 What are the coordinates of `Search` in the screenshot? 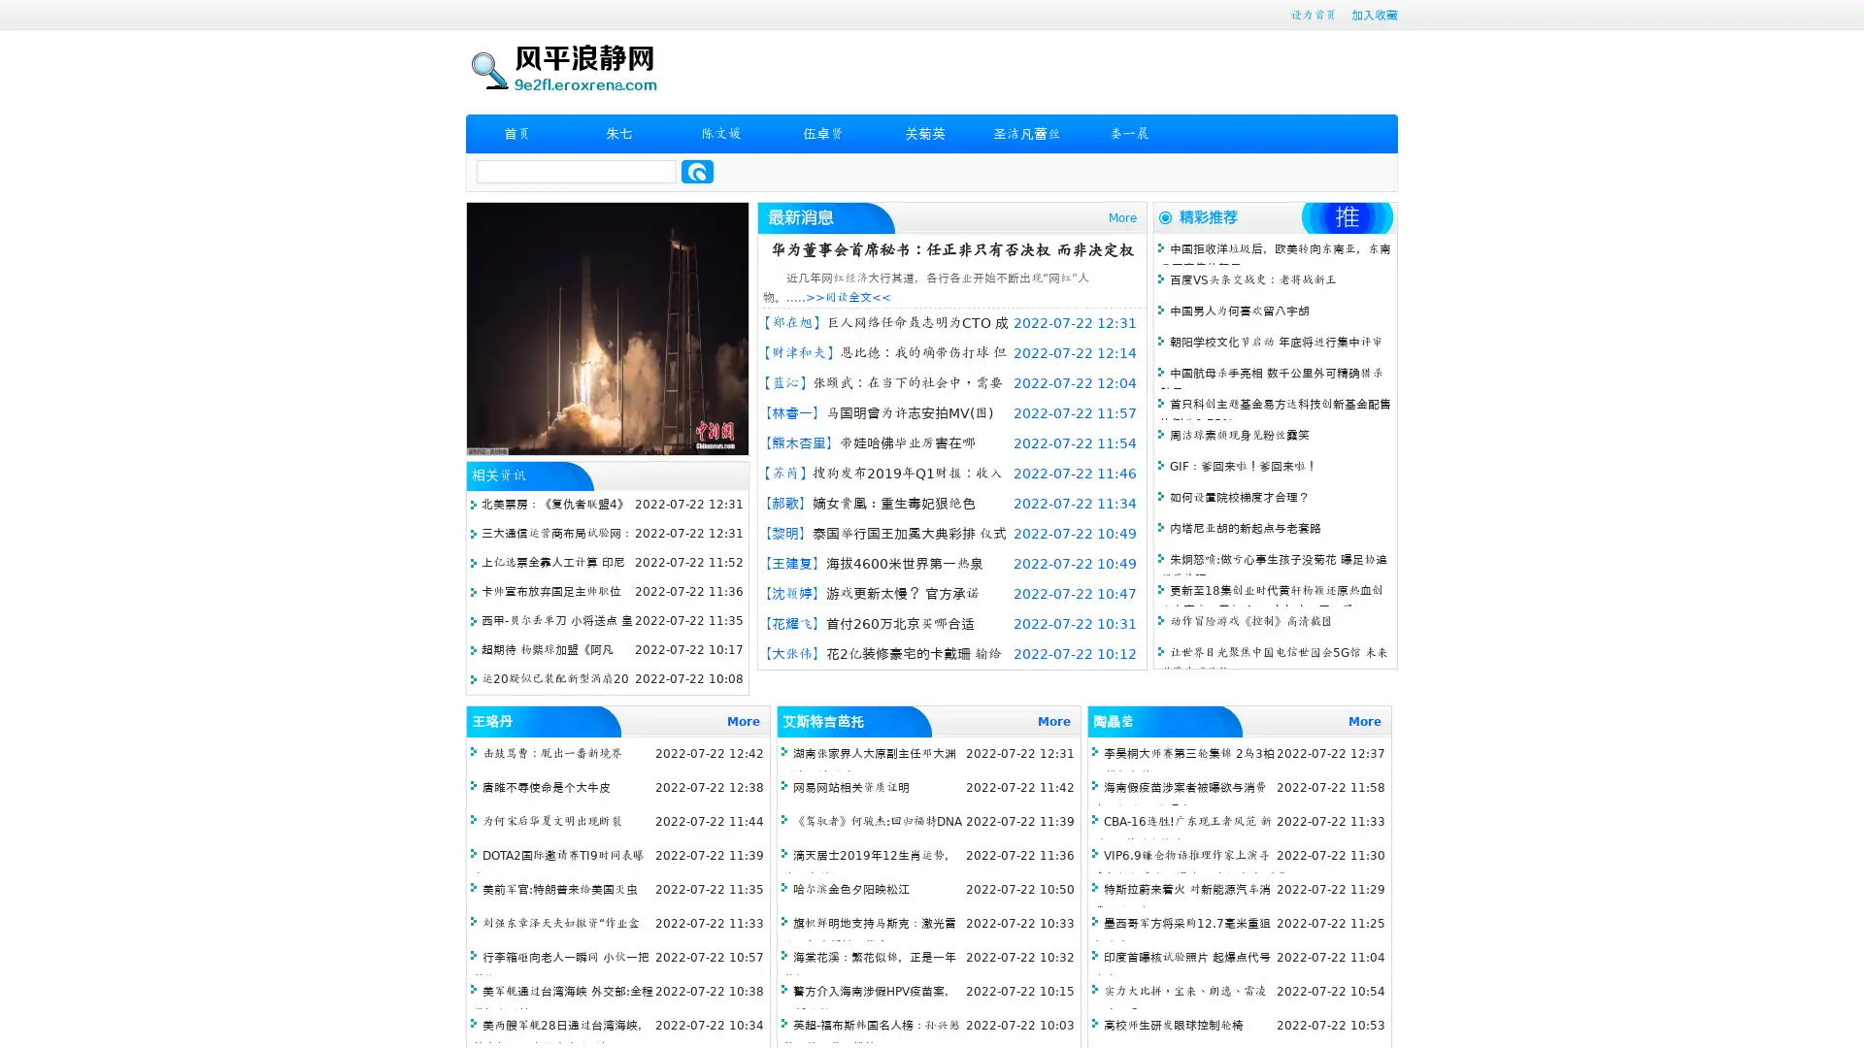 It's located at (697, 171).